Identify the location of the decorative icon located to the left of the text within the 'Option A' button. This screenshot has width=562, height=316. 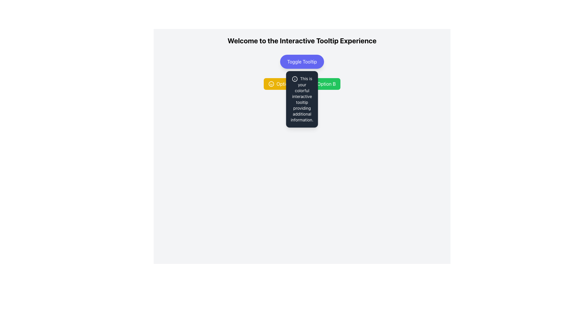
(271, 84).